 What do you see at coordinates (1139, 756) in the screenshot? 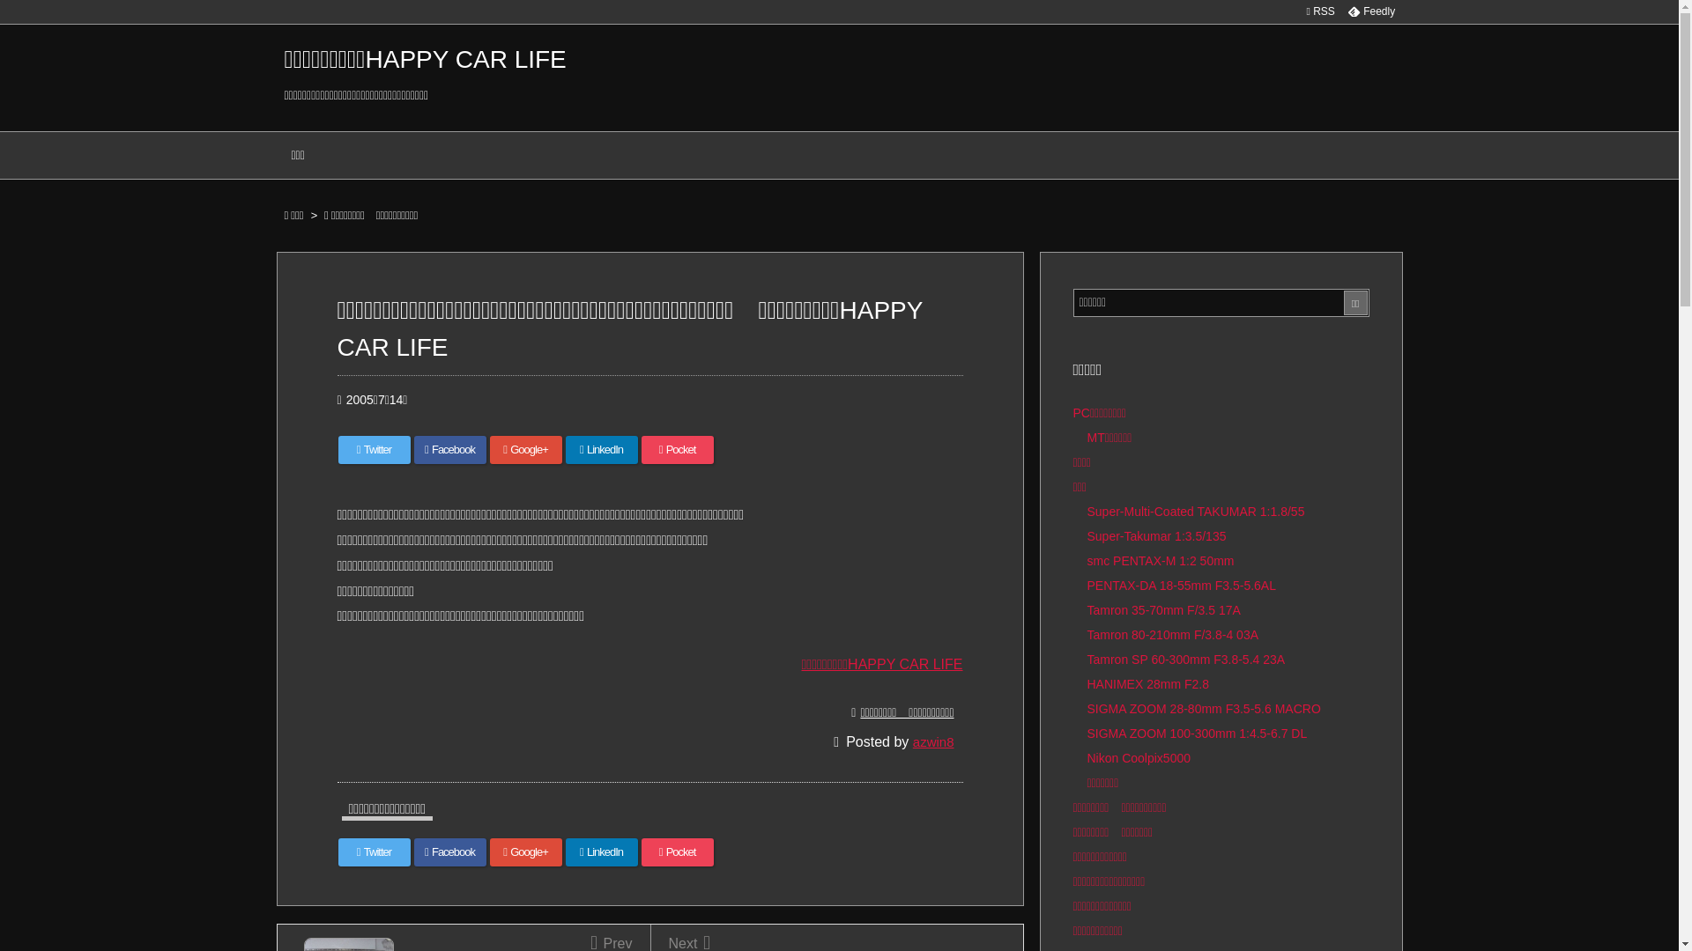
I see `'Nikon Coolpix5000'` at bounding box center [1139, 756].